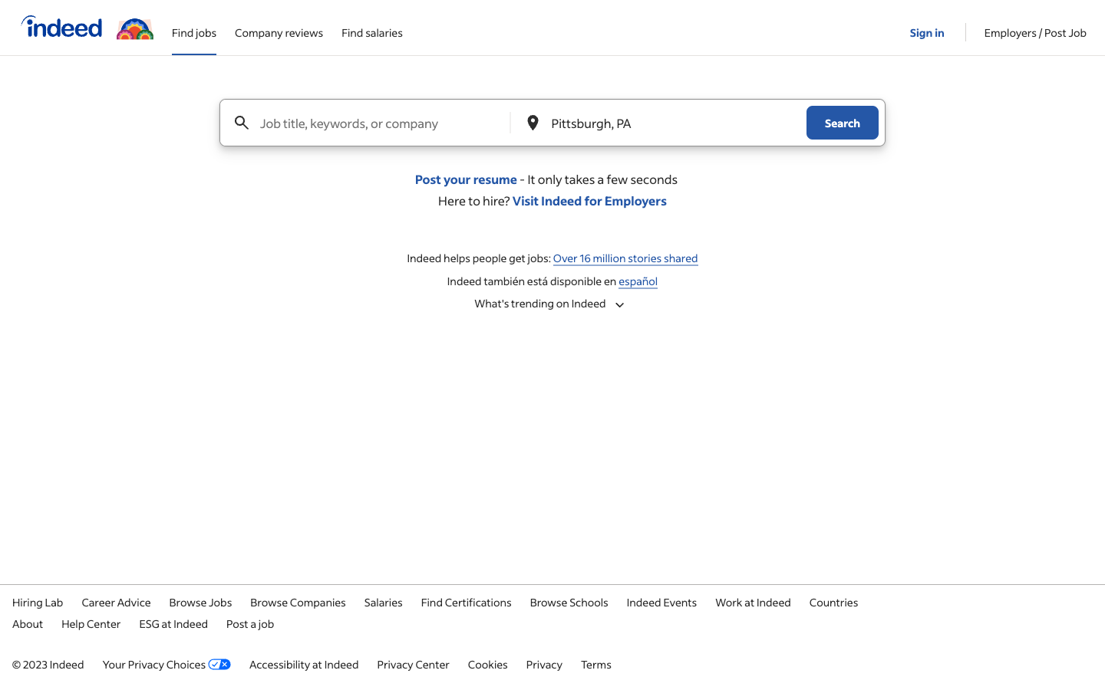 This screenshot has width=1105, height=690. Describe the element at coordinates (928, 26) in the screenshot. I see `Redirect to User Login Page` at that location.